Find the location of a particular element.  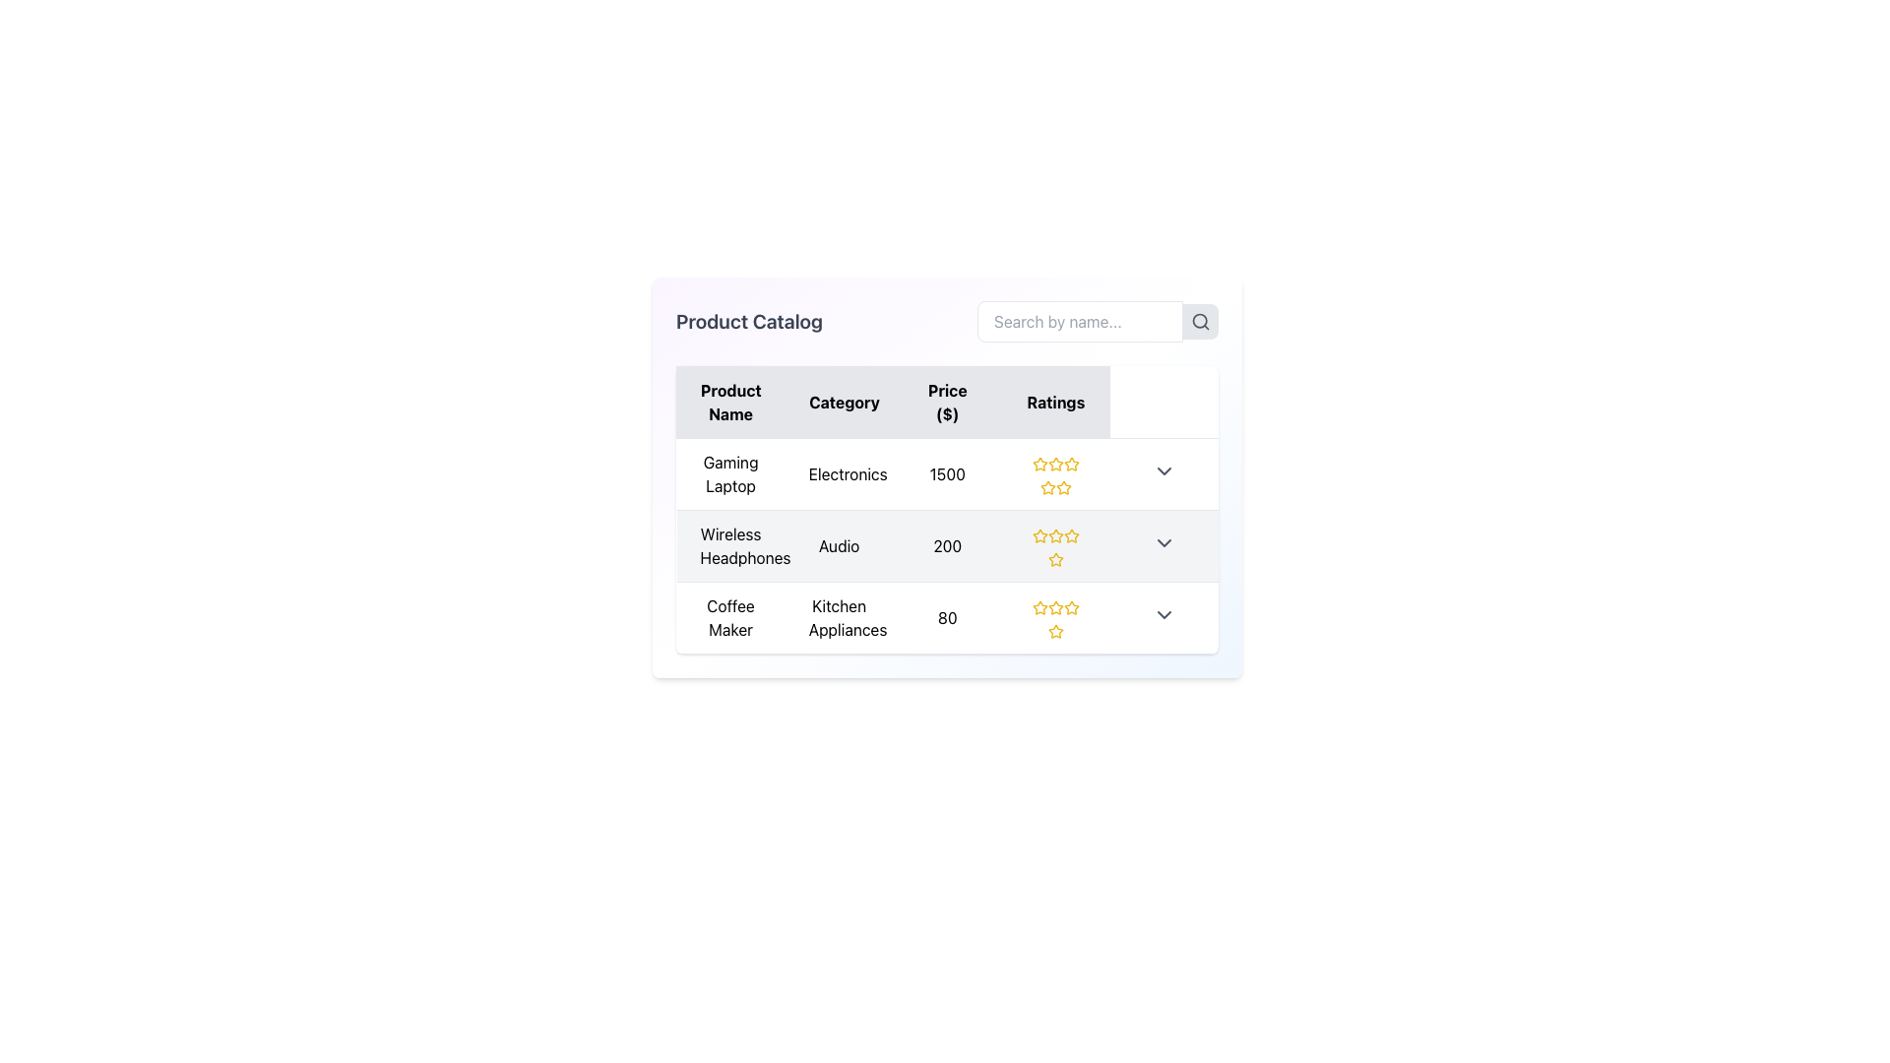

the non-interactive Rating indicator located in the fourth cell of the 'Ratings' column for the 'Coffee Maker' item is located at coordinates (1054, 617).